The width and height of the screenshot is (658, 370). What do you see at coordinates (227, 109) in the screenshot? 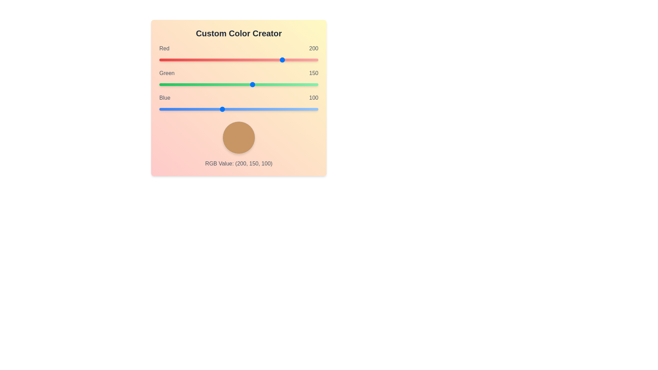
I see `the blue slider to set the blue value to 108` at bounding box center [227, 109].